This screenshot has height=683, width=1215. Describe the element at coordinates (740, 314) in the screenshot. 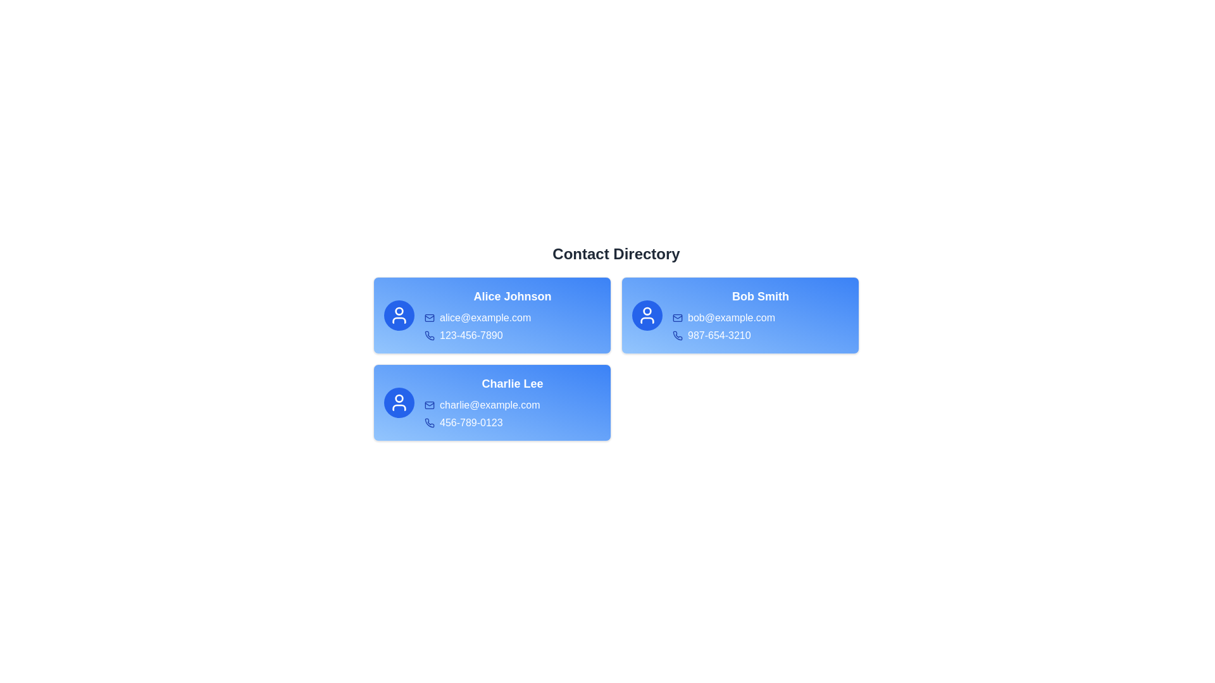

I see `the contact card for Bob Smith to view their details` at that location.